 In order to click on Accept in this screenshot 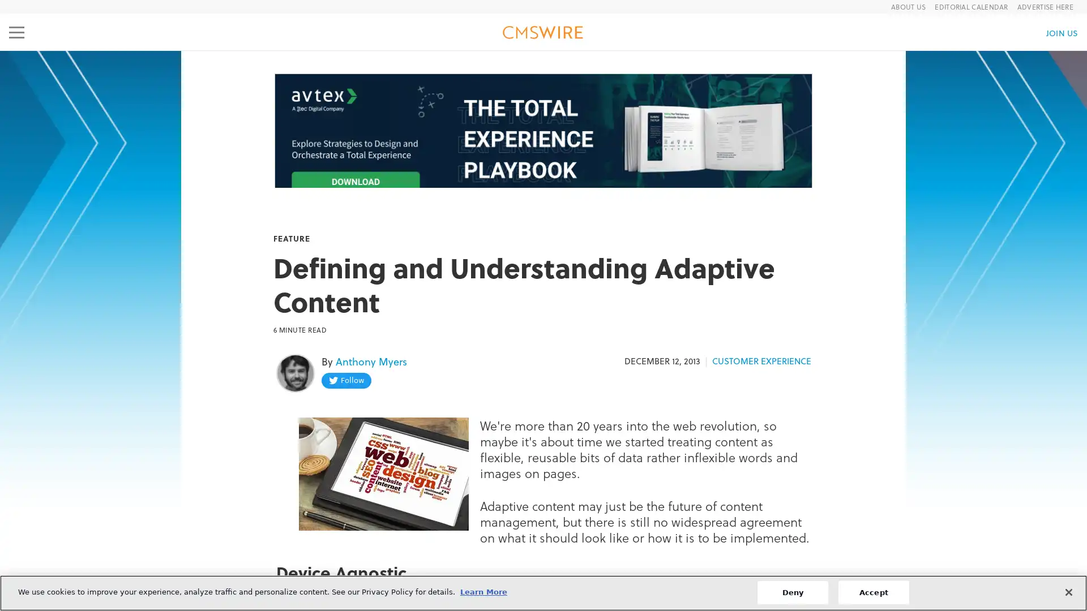, I will do `click(872, 591)`.